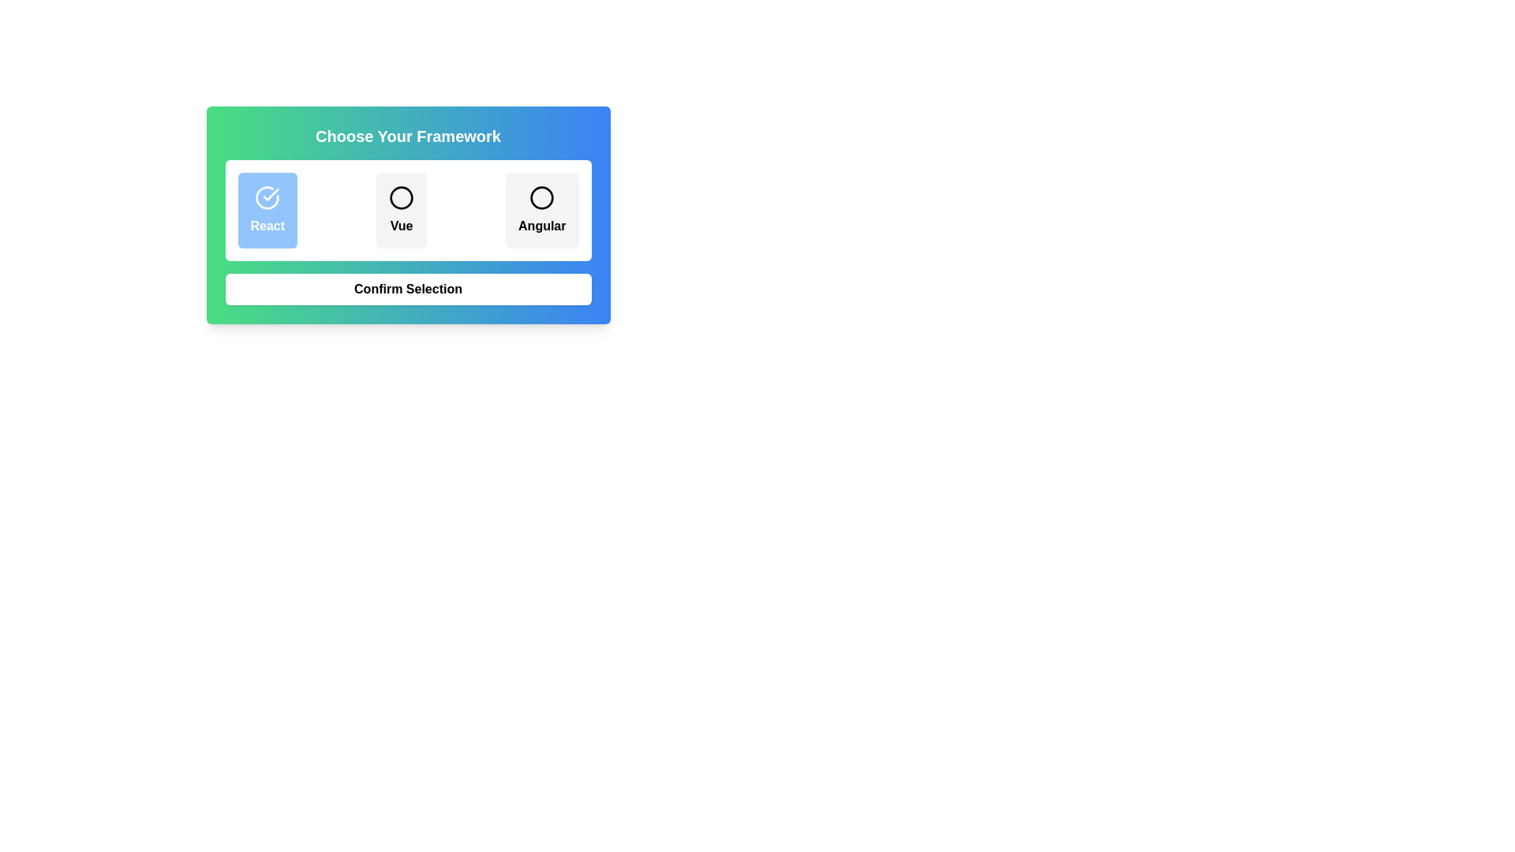 This screenshot has width=1515, height=852. I want to click on the 'Vue' icon which is centered above the text 'Vue' in the selection interface, located in the middle column of the options displayed, so click(401, 196).